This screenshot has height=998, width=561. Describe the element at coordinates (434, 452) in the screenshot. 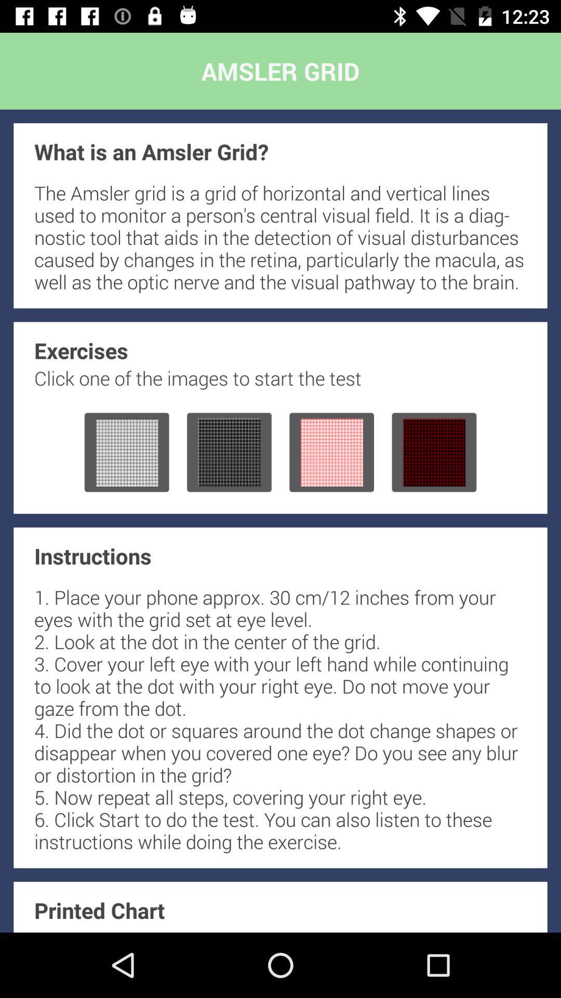

I see `image button` at that location.